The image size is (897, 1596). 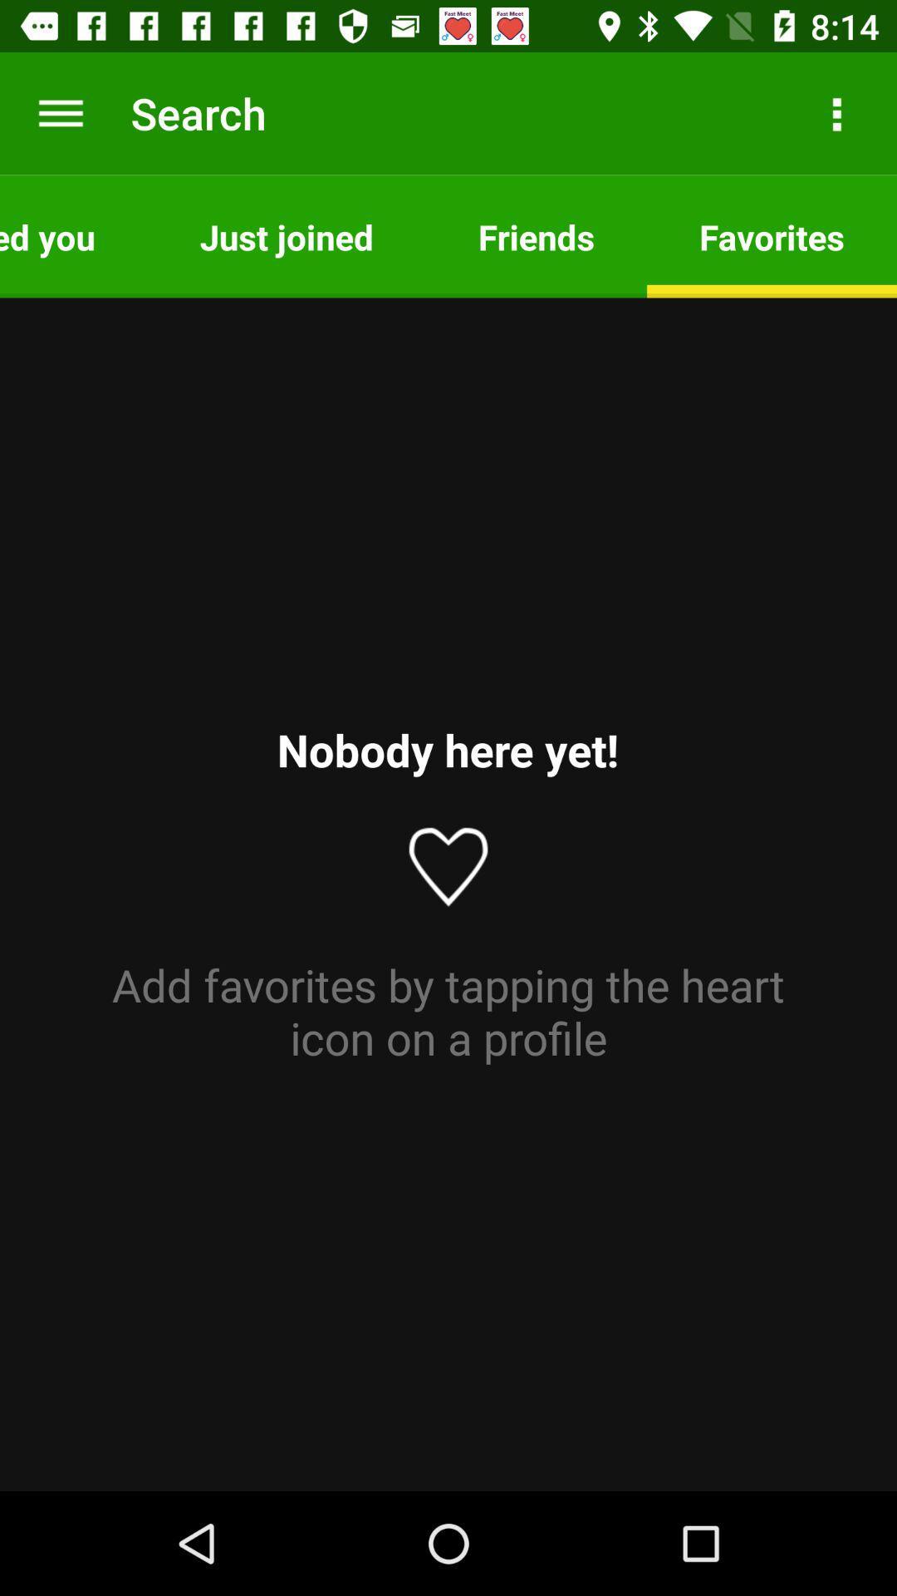 I want to click on the icon to the left of just joined app, so click(x=72, y=235).